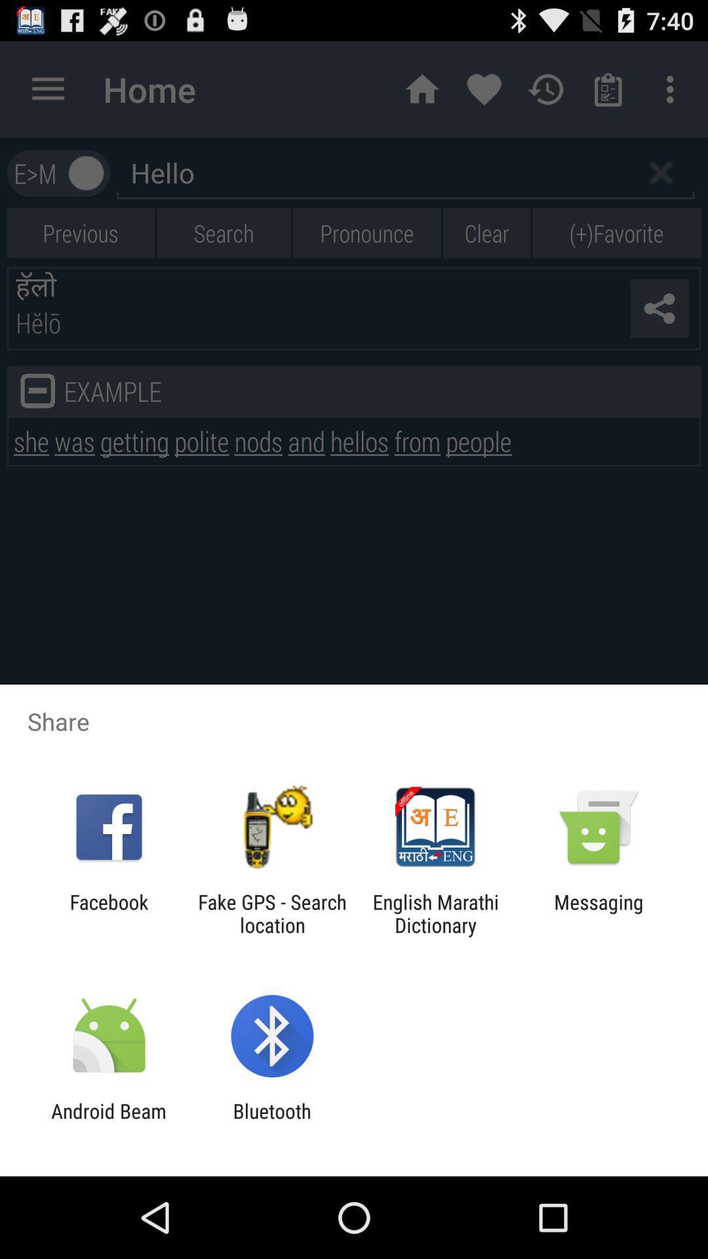 The width and height of the screenshot is (708, 1259). What do you see at coordinates (108, 1122) in the screenshot?
I see `the icon next to bluetooth` at bounding box center [108, 1122].